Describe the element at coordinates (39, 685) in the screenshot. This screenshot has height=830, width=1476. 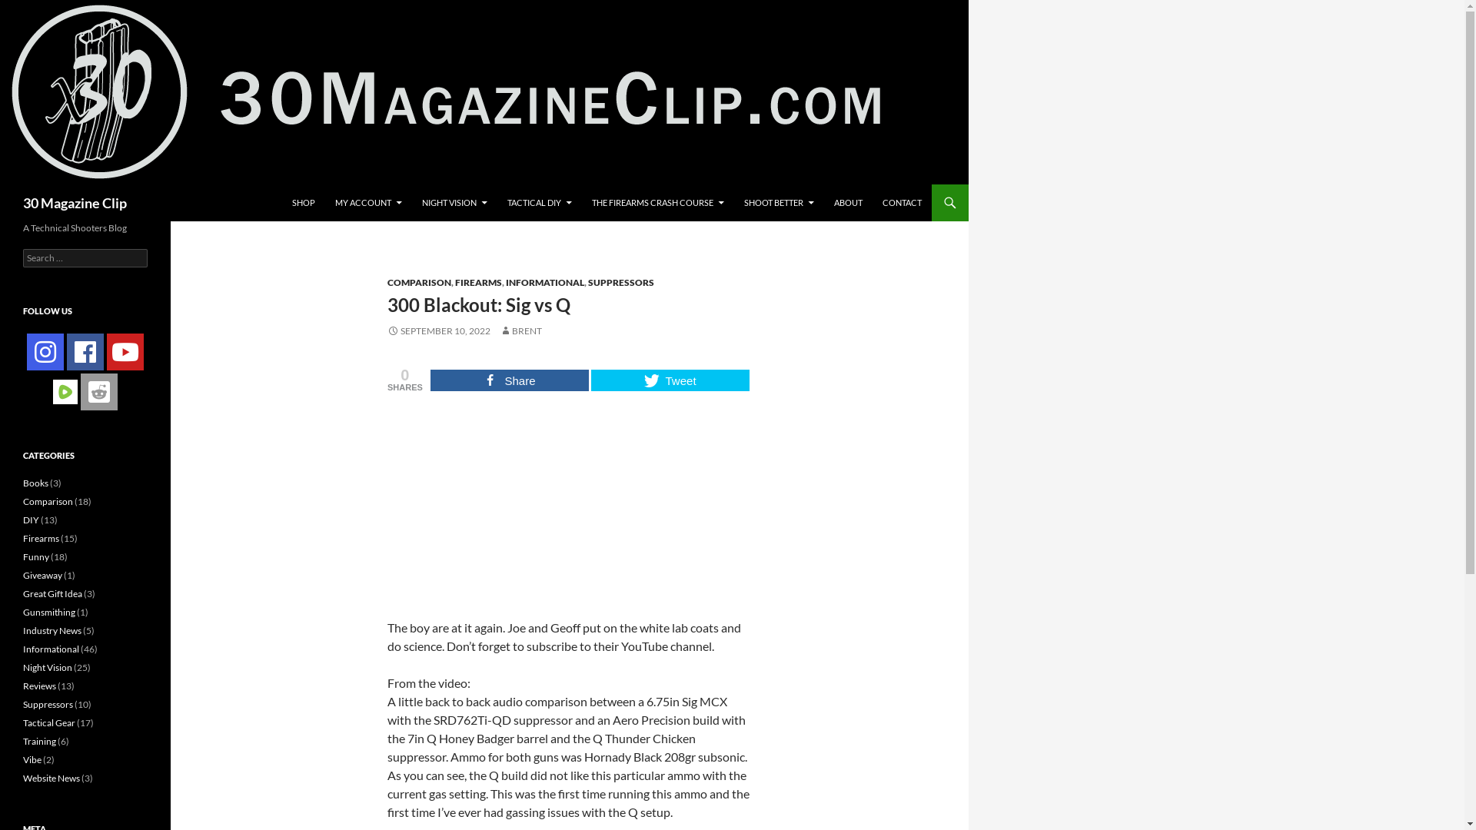
I see `'Reviews'` at that location.